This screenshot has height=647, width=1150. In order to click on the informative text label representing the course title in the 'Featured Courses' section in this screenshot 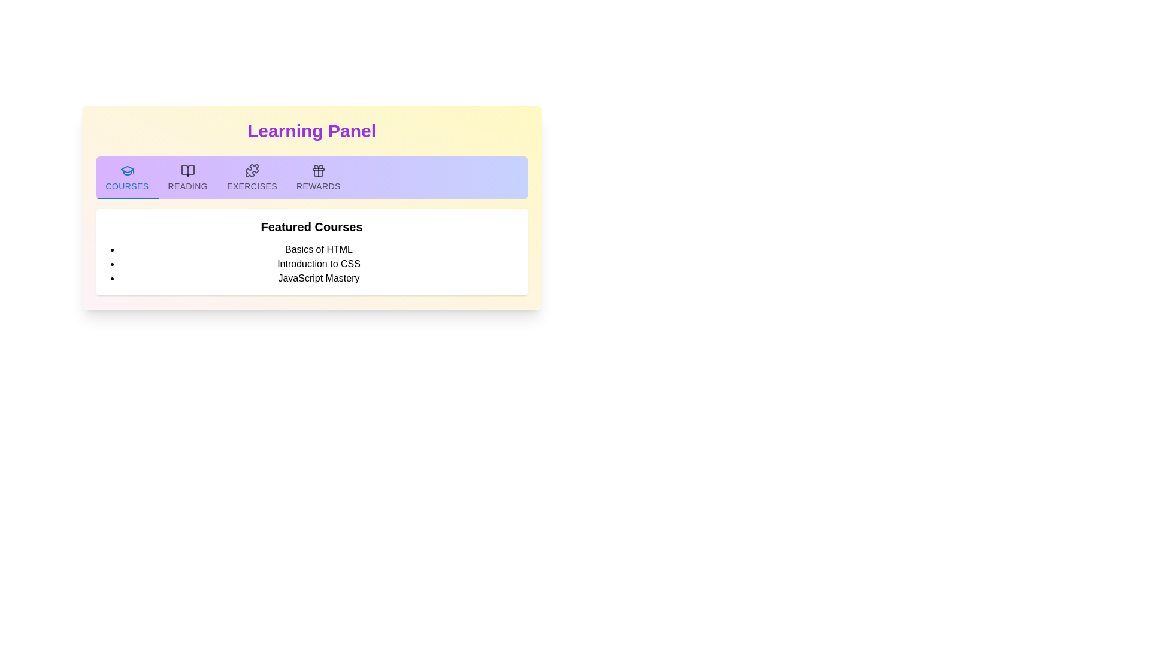, I will do `click(319, 279)`.